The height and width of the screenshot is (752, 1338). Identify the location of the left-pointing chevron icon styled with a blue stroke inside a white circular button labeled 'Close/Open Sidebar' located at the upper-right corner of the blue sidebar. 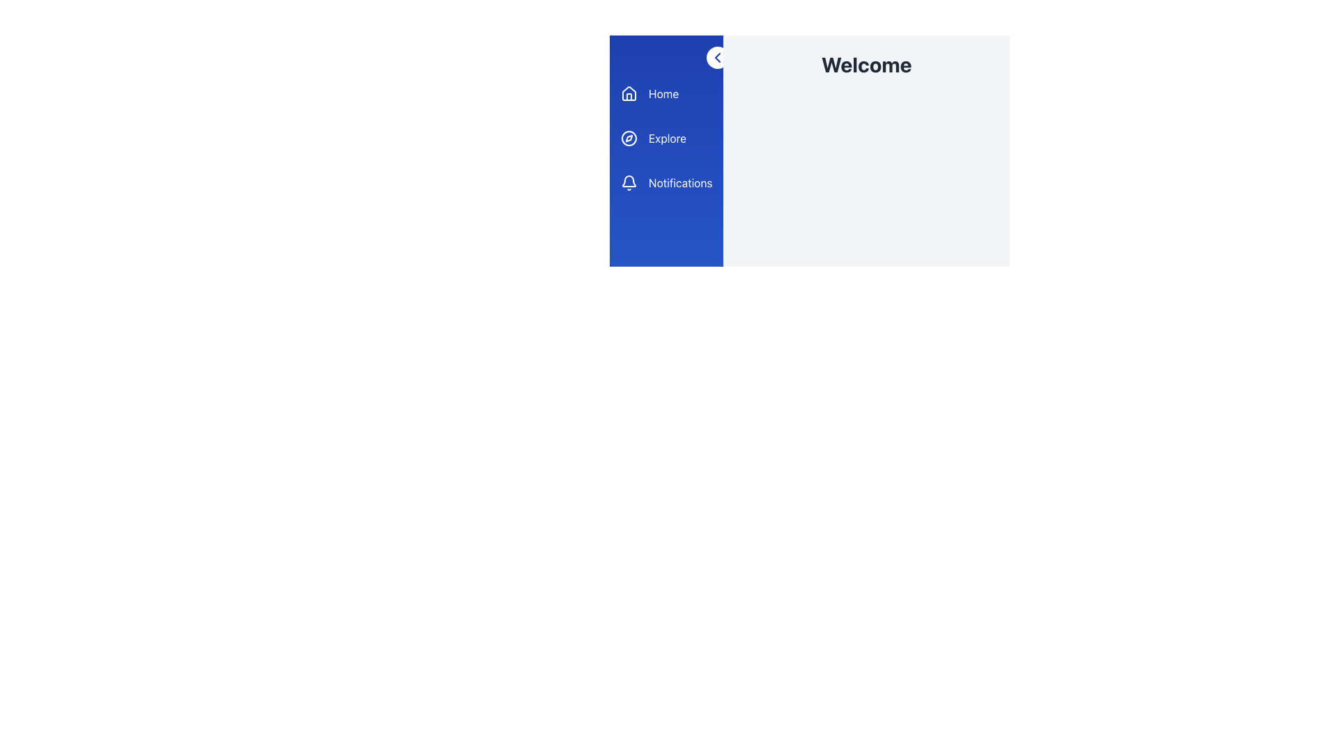
(718, 57).